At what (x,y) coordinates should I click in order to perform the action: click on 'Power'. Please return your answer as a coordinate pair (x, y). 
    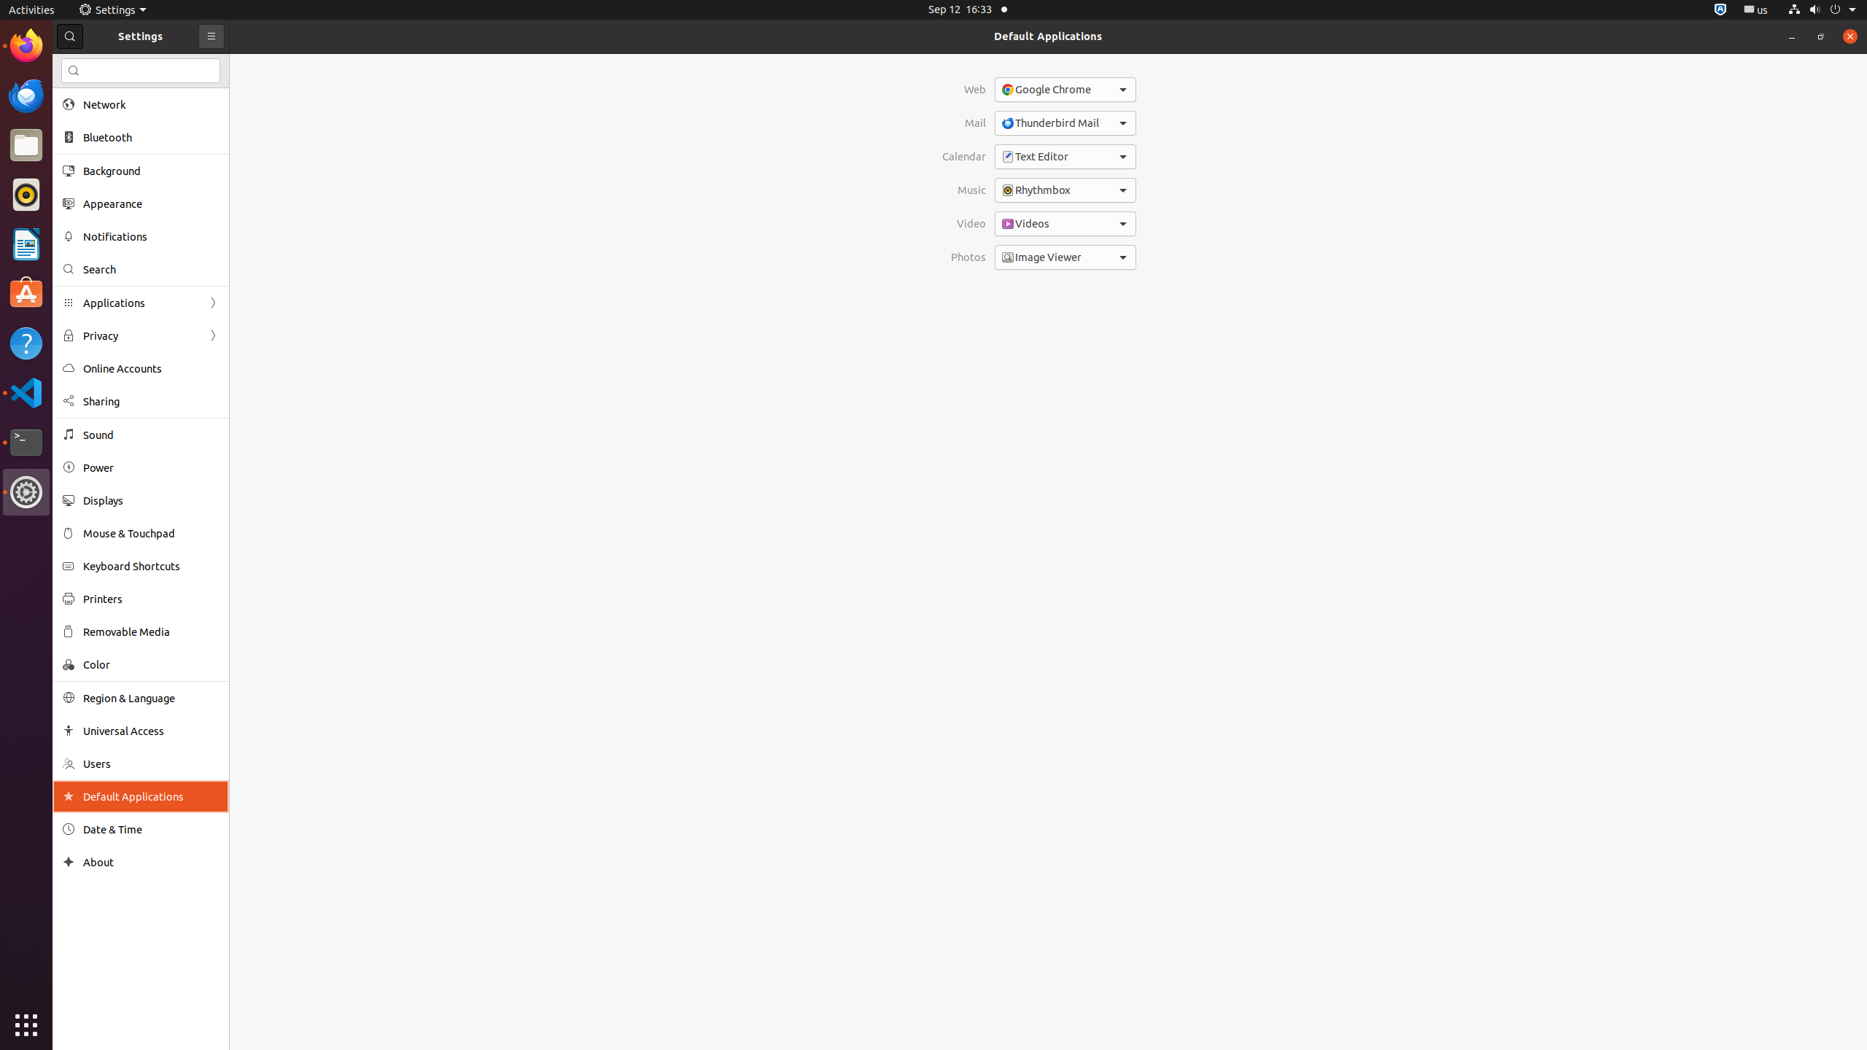
    Looking at the image, I should click on (151, 467).